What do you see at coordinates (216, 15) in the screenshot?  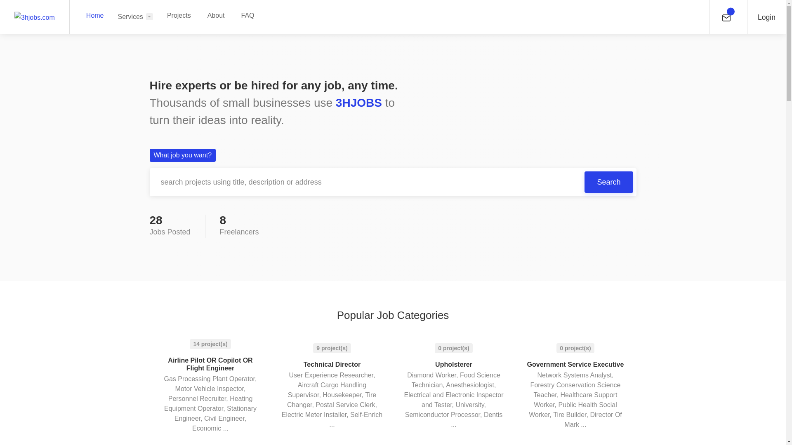 I see `'About'` at bounding box center [216, 15].